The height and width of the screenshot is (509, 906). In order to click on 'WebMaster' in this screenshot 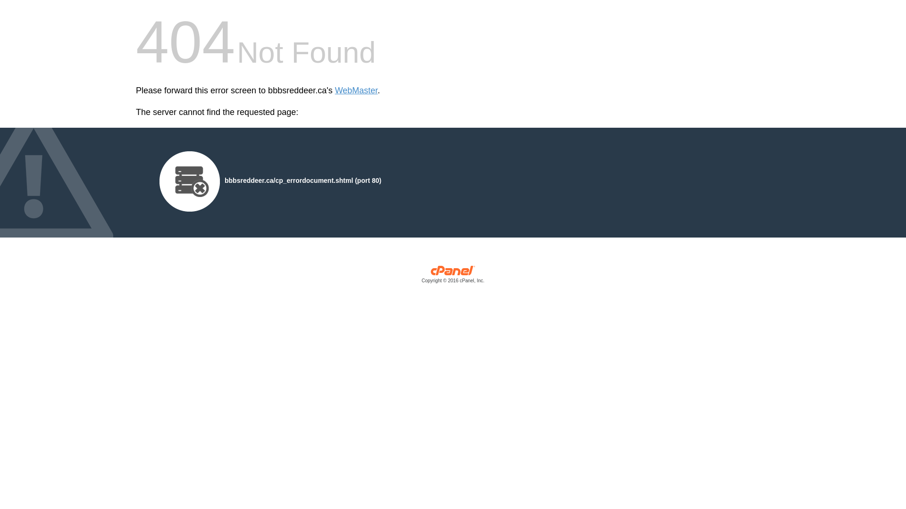, I will do `click(335, 90)`.